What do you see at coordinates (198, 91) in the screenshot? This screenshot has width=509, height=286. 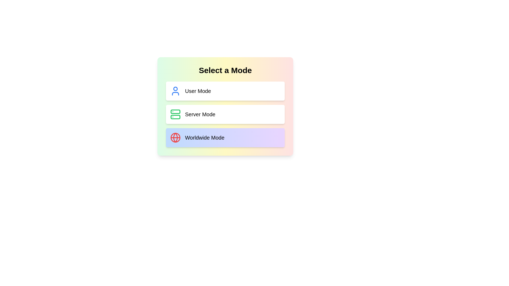 I see `'User Mode' label which is positioned in the first row of a vertically stacked list of options, located to the right of the user icon` at bounding box center [198, 91].